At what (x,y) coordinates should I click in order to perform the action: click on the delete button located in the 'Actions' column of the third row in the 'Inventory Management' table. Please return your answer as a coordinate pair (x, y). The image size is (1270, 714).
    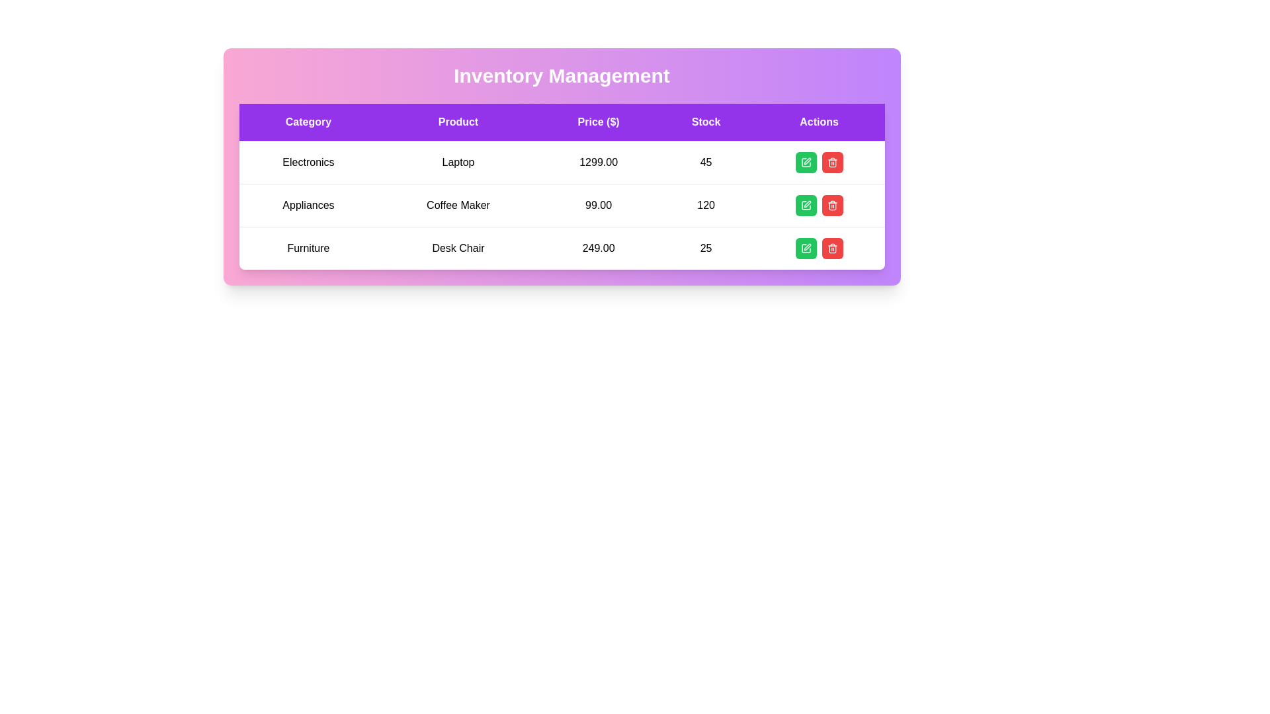
    Looking at the image, I should click on (831, 248).